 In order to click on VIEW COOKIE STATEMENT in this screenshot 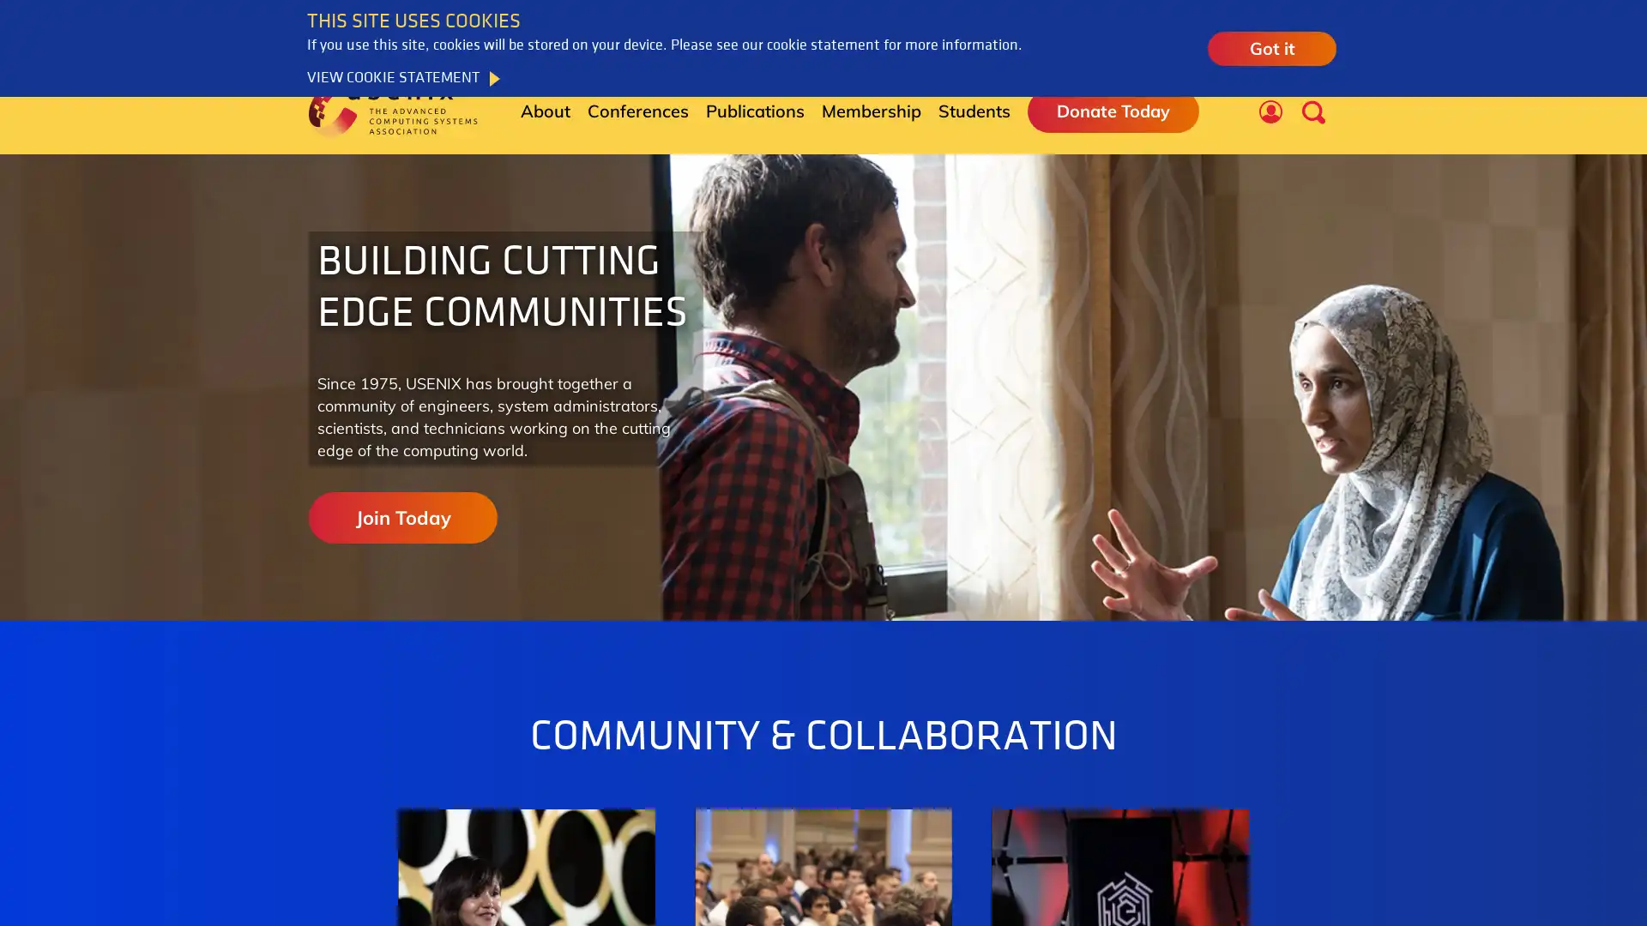, I will do `click(392, 78)`.